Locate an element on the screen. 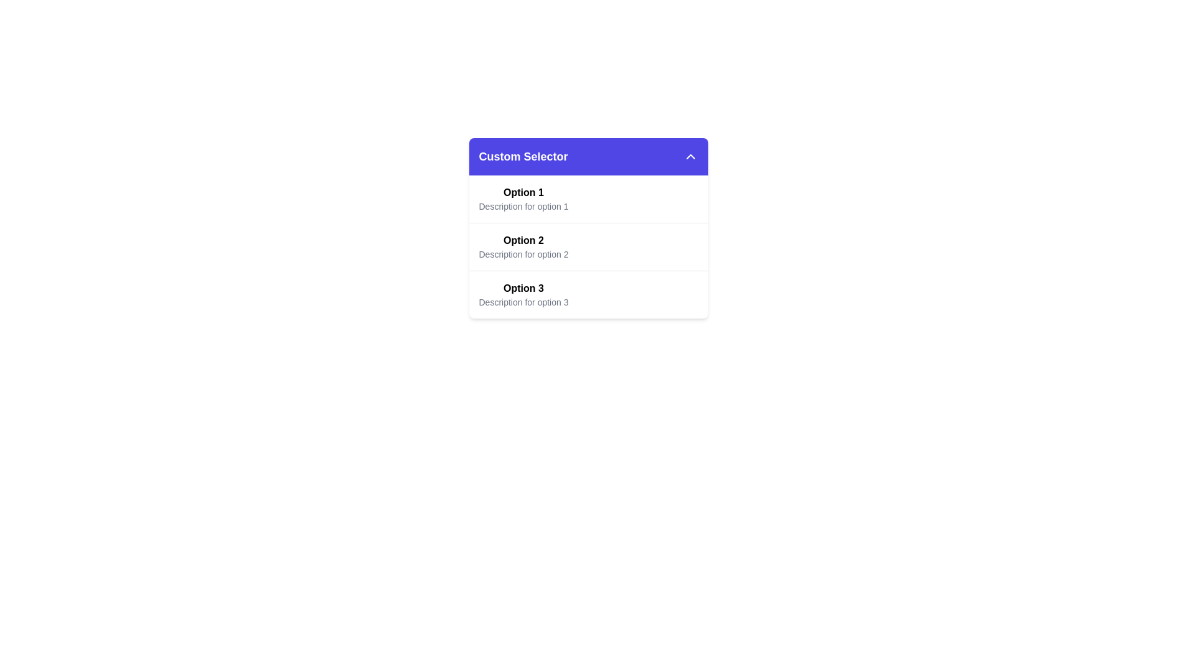 This screenshot has height=672, width=1195. to select 'Option 3' from the dropdown menu titled 'Custom Selector', which is the third item in the list is located at coordinates (523, 295).